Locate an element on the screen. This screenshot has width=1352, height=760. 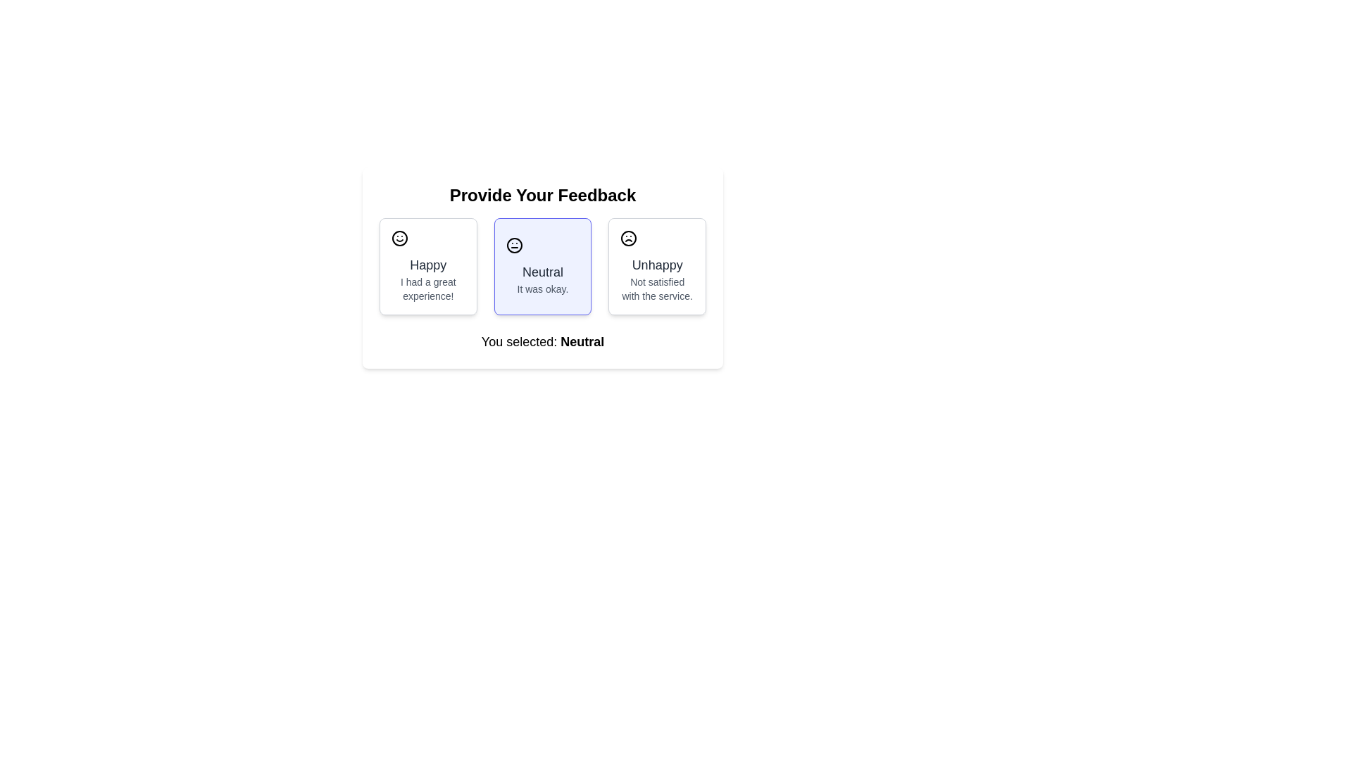
the neutral feedback icon located in the center feedback card labeled 'Neutral' in the 'Provide Your Feedback' section is located at coordinates (513, 244).